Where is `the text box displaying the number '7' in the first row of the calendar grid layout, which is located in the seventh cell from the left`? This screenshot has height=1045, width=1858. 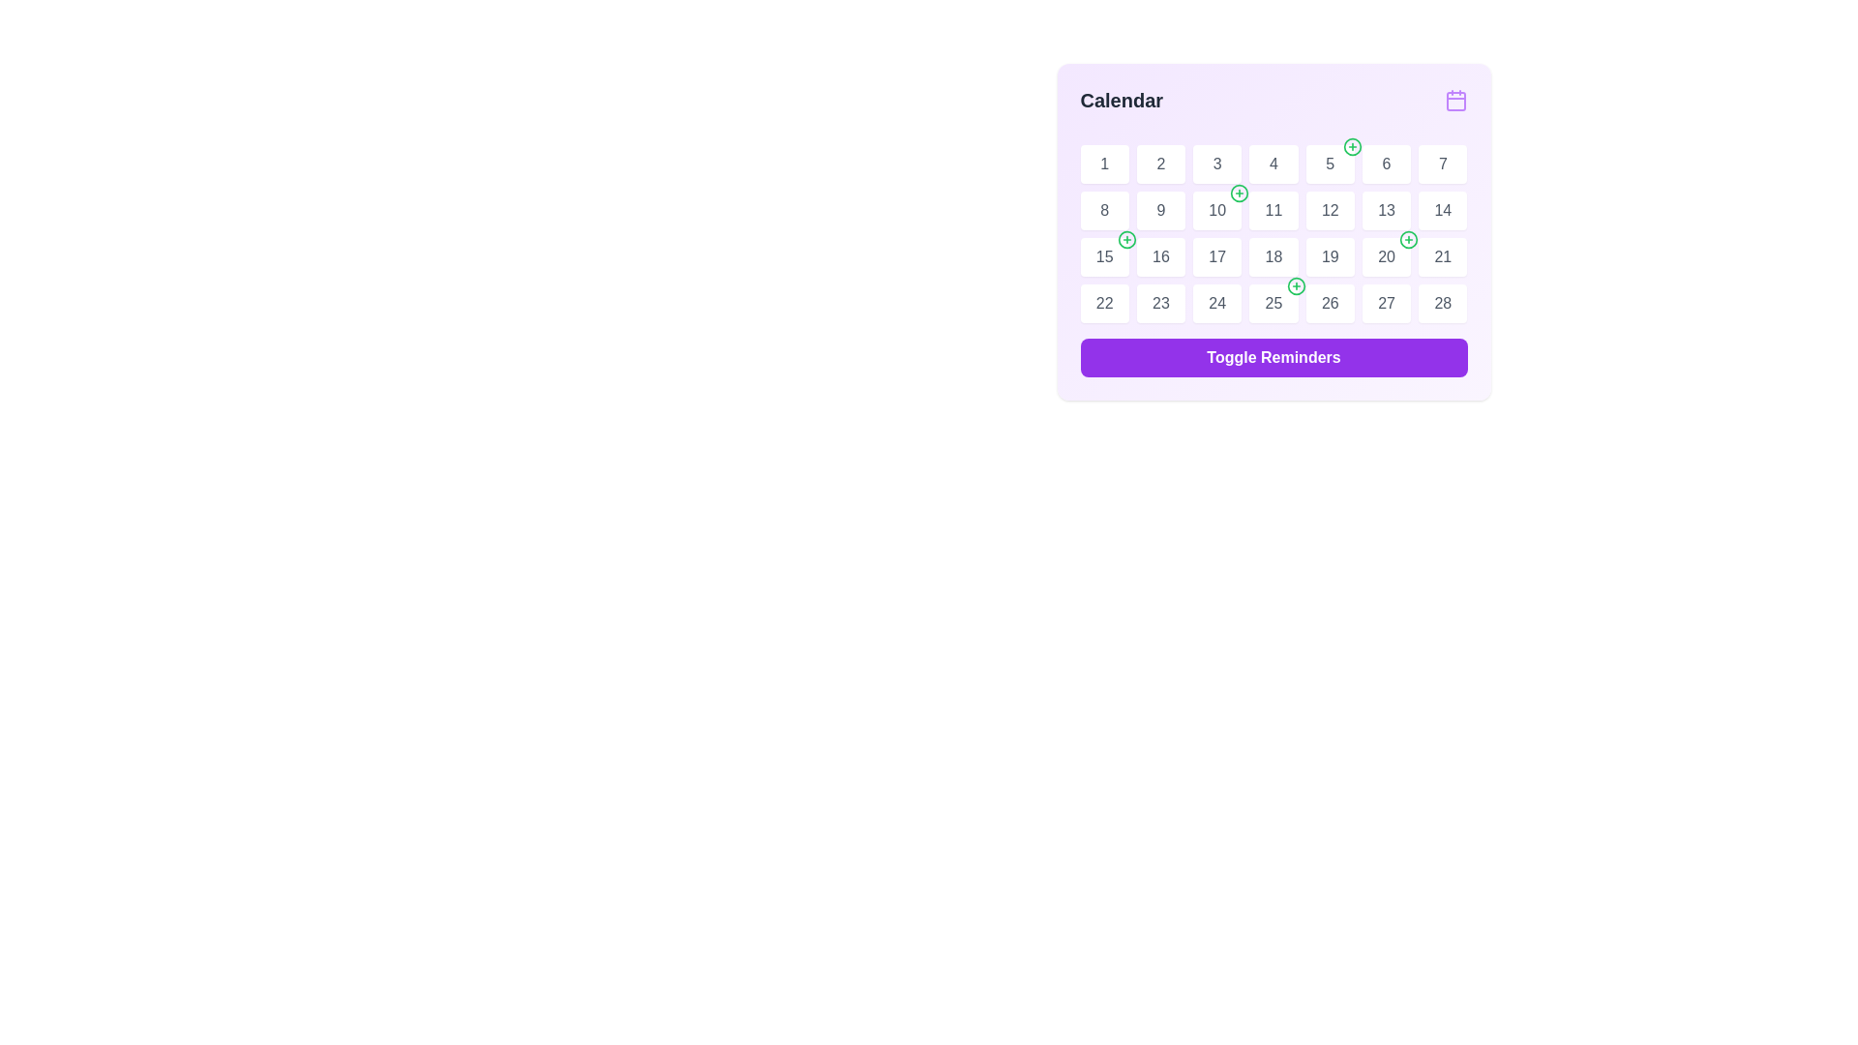 the text box displaying the number '7' in the first row of the calendar grid layout, which is located in the seventh cell from the left is located at coordinates (1443, 163).